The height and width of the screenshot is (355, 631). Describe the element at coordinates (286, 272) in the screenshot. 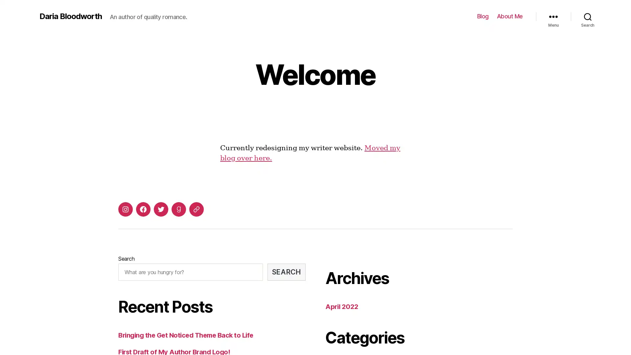

I see `SEARCH` at that location.